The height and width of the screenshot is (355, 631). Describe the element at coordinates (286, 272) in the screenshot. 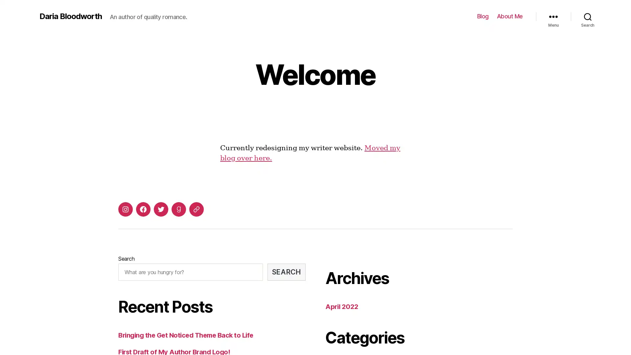

I see `SEARCH` at that location.